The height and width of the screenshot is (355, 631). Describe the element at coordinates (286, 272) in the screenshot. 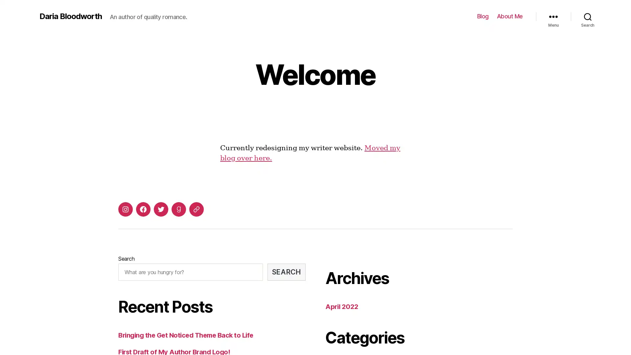

I see `SEARCH` at that location.